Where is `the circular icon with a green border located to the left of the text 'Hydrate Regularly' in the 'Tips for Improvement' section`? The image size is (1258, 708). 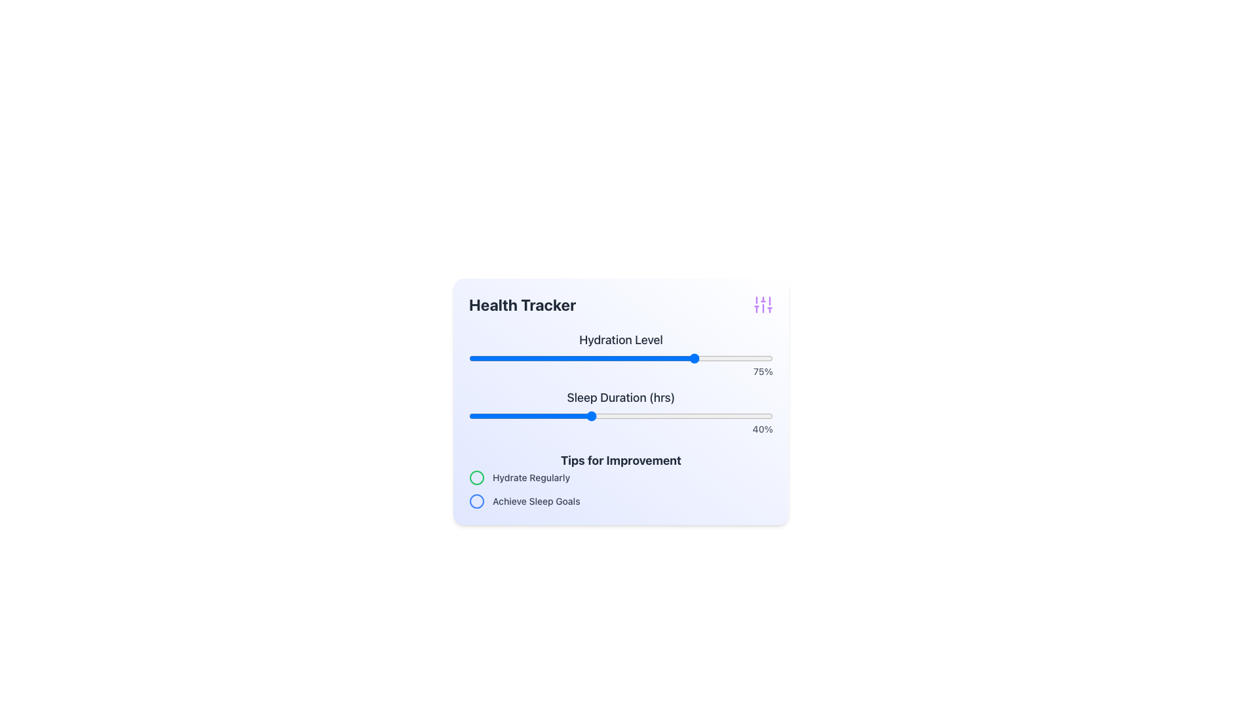 the circular icon with a green border located to the left of the text 'Hydrate Regularly' in the 'Tips for Improvement' section is located at coordinates (476, 478).